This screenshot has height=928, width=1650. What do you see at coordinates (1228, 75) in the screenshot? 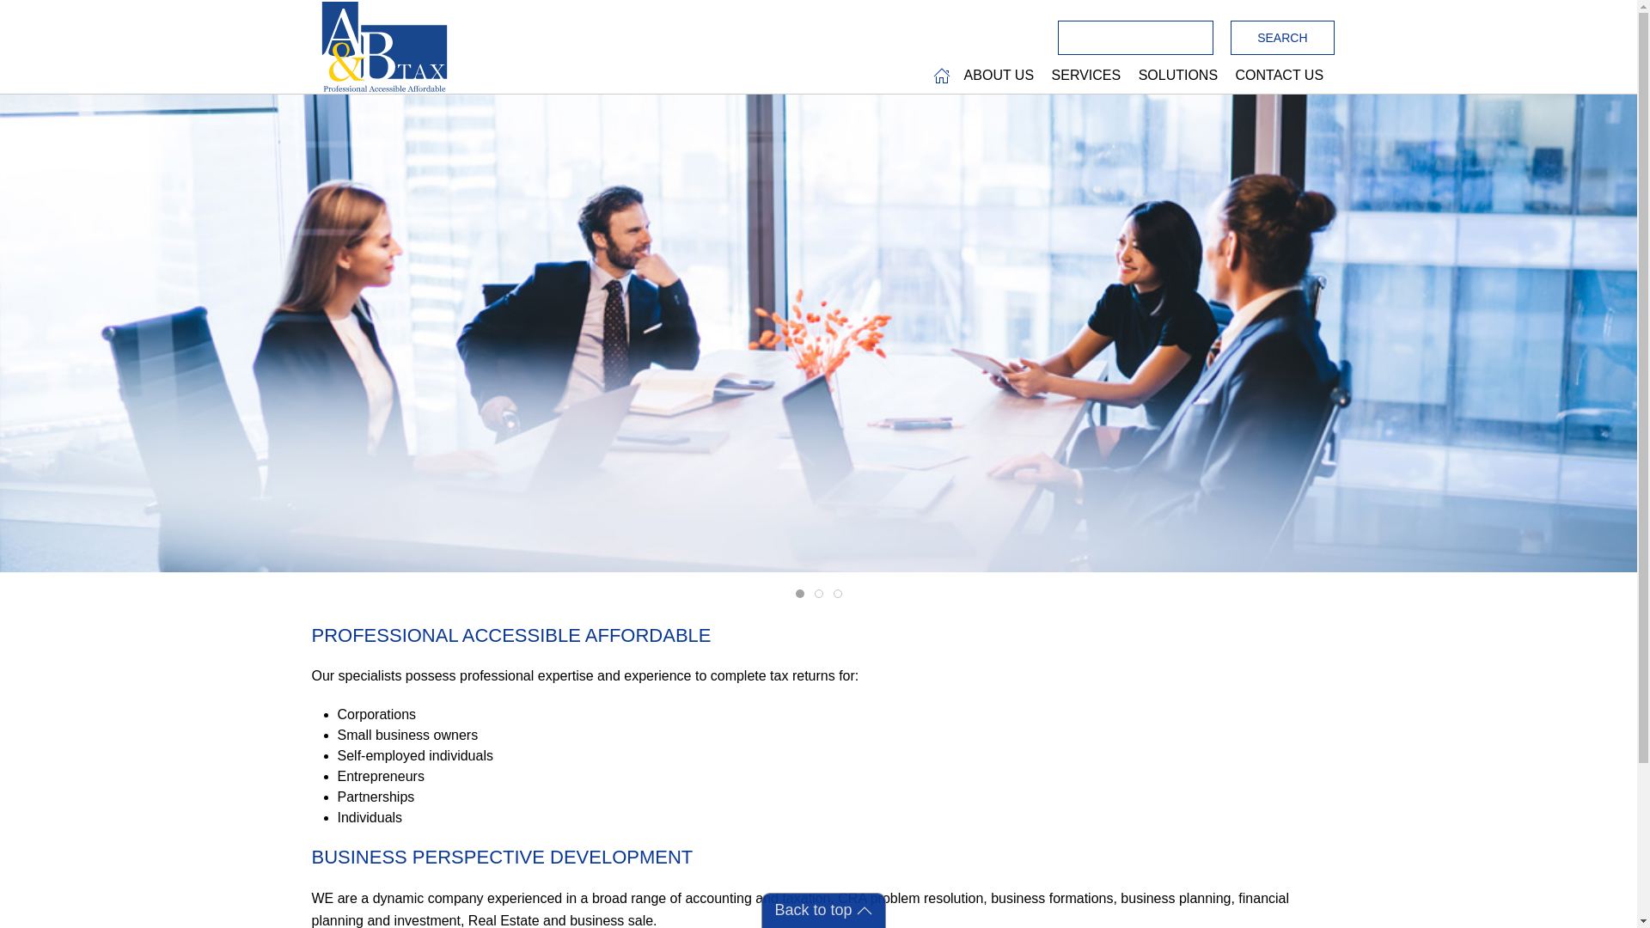
I see `'CONTACT US '` at bounding box center [1228, 75].